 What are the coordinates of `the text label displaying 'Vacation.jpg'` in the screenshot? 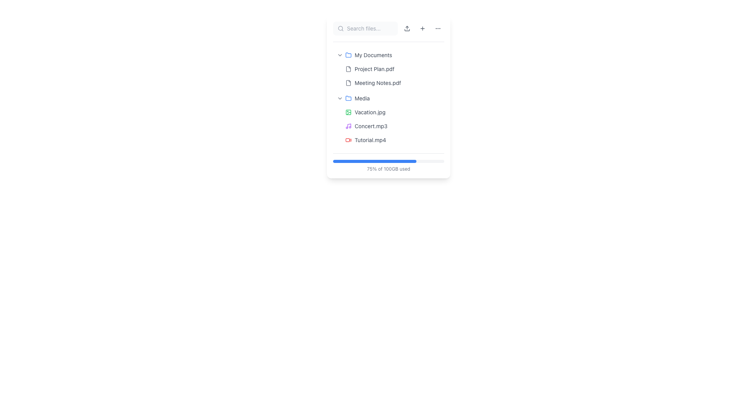 It's located at (370, 112).